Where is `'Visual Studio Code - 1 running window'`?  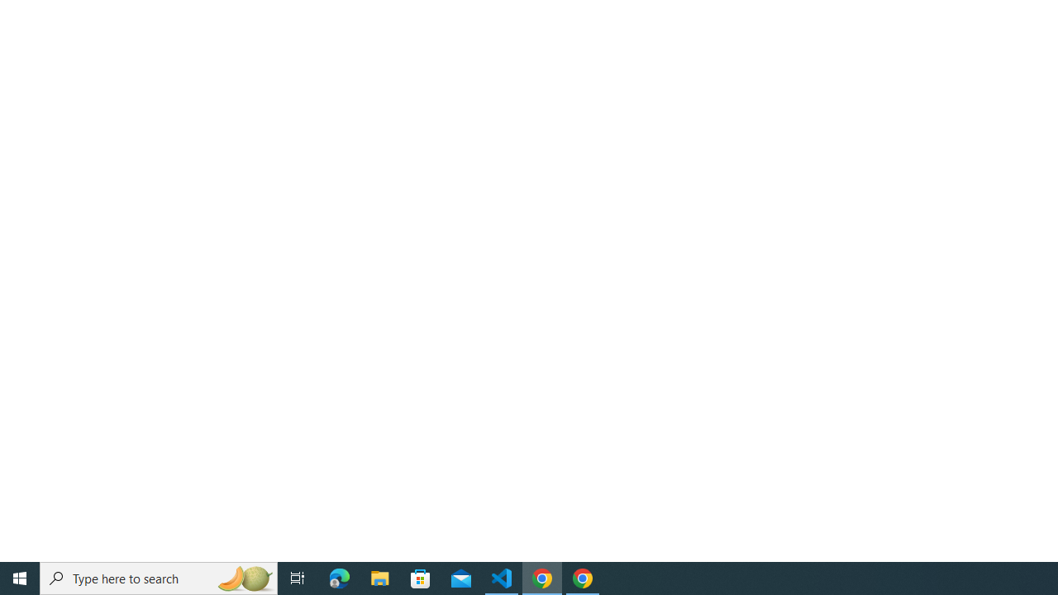 'Visual Studio Code - 1 running window' is located at coordinates (501, 577).